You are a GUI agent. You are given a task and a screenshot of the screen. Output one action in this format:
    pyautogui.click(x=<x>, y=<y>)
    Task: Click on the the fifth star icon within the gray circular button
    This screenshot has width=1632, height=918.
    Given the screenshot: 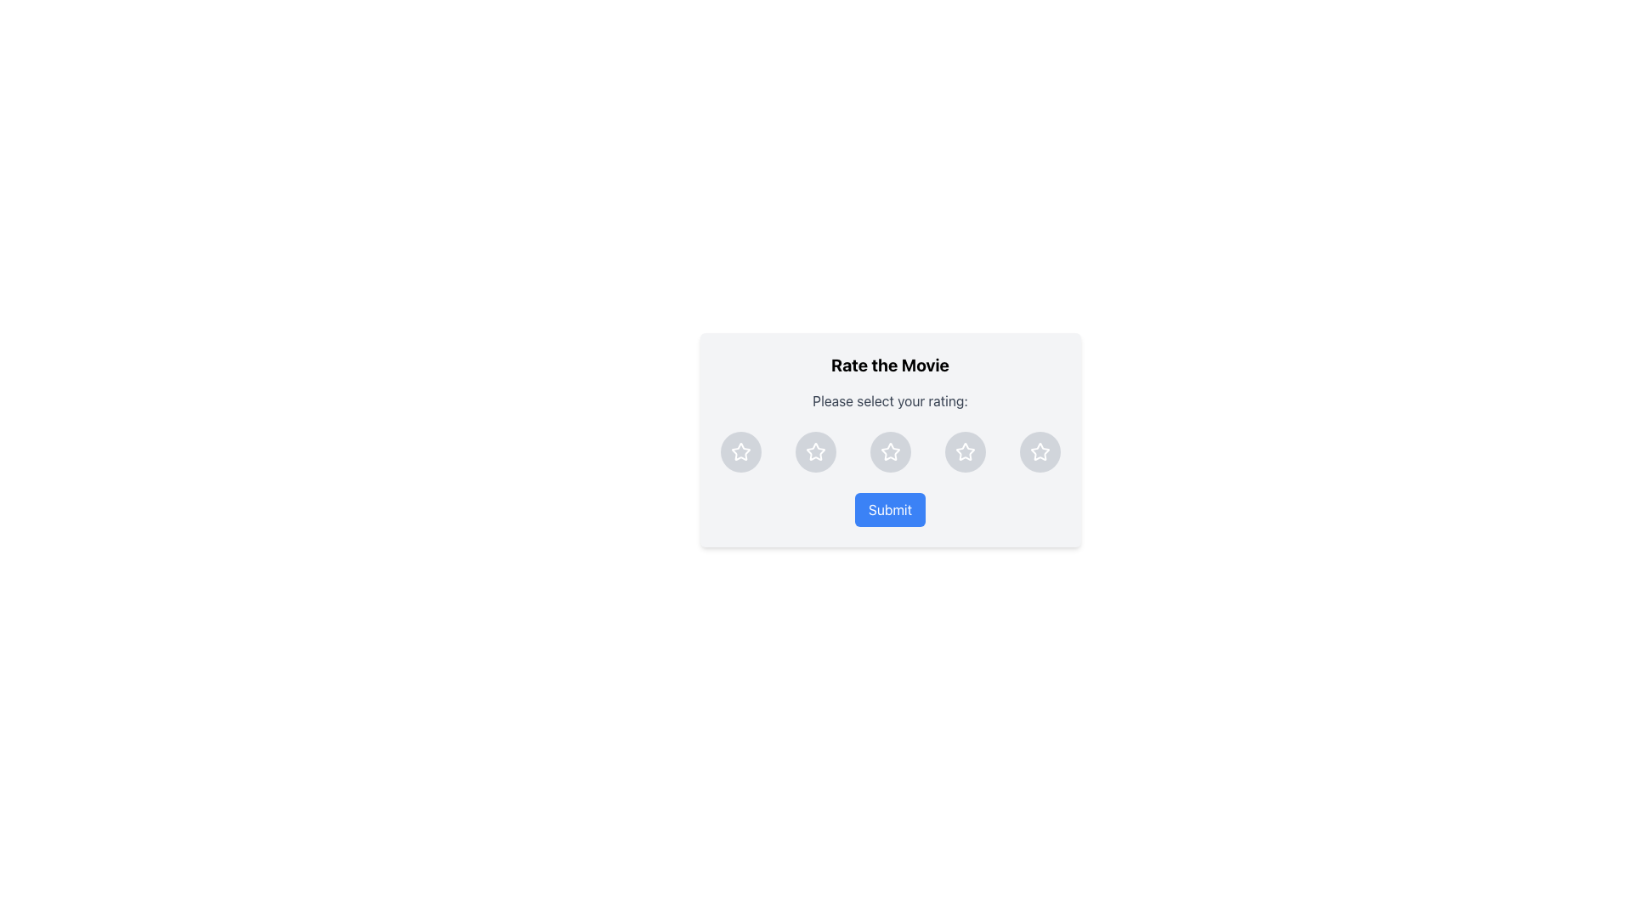 What is the action you would take?
    pyautogui.click(x=965, y=451)
    